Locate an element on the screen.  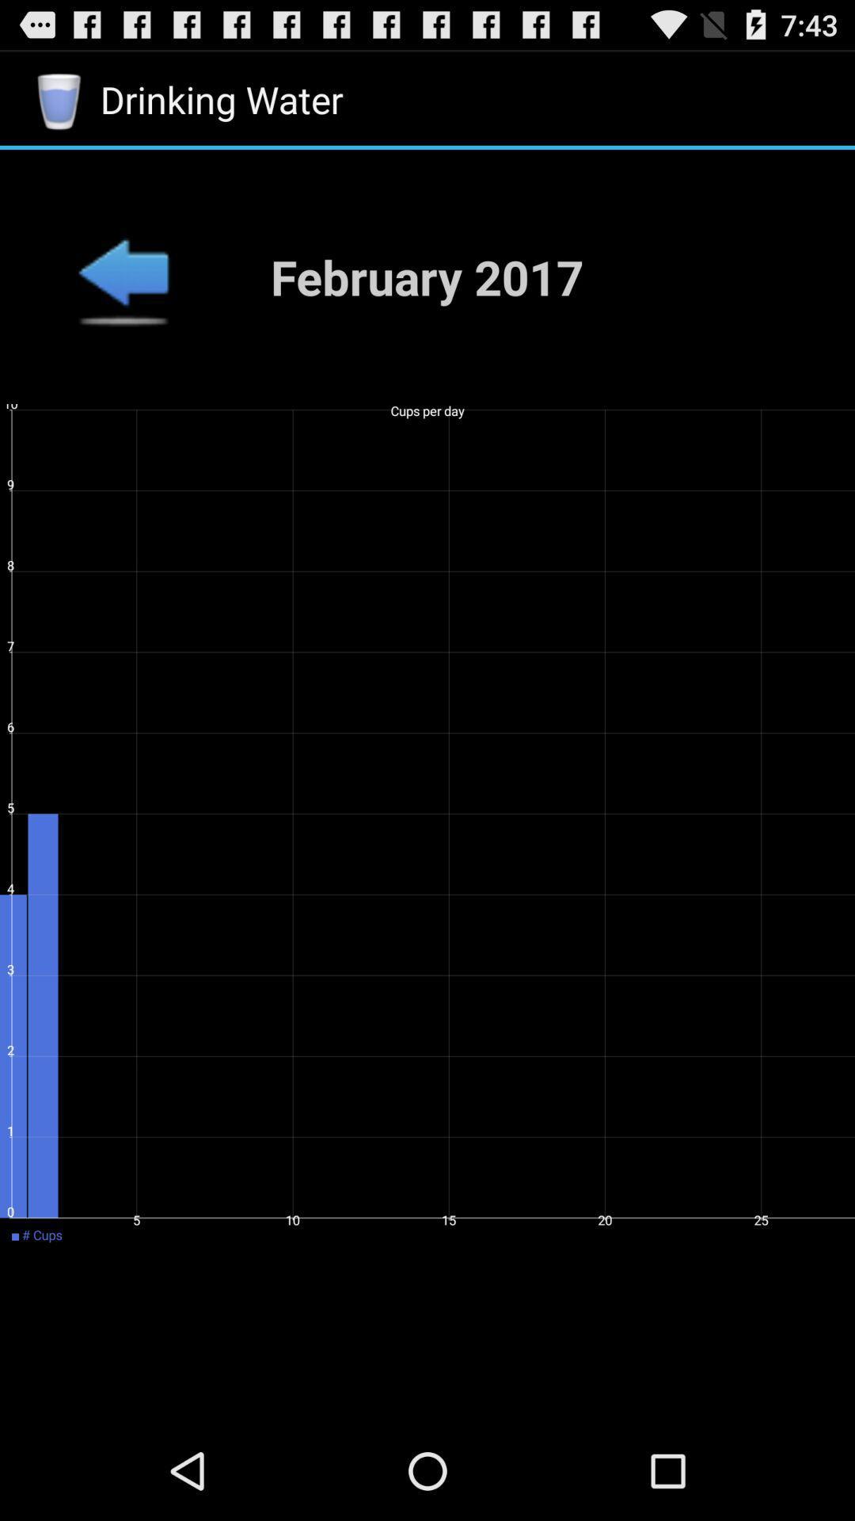
go back is located at coordinates (122, 276).